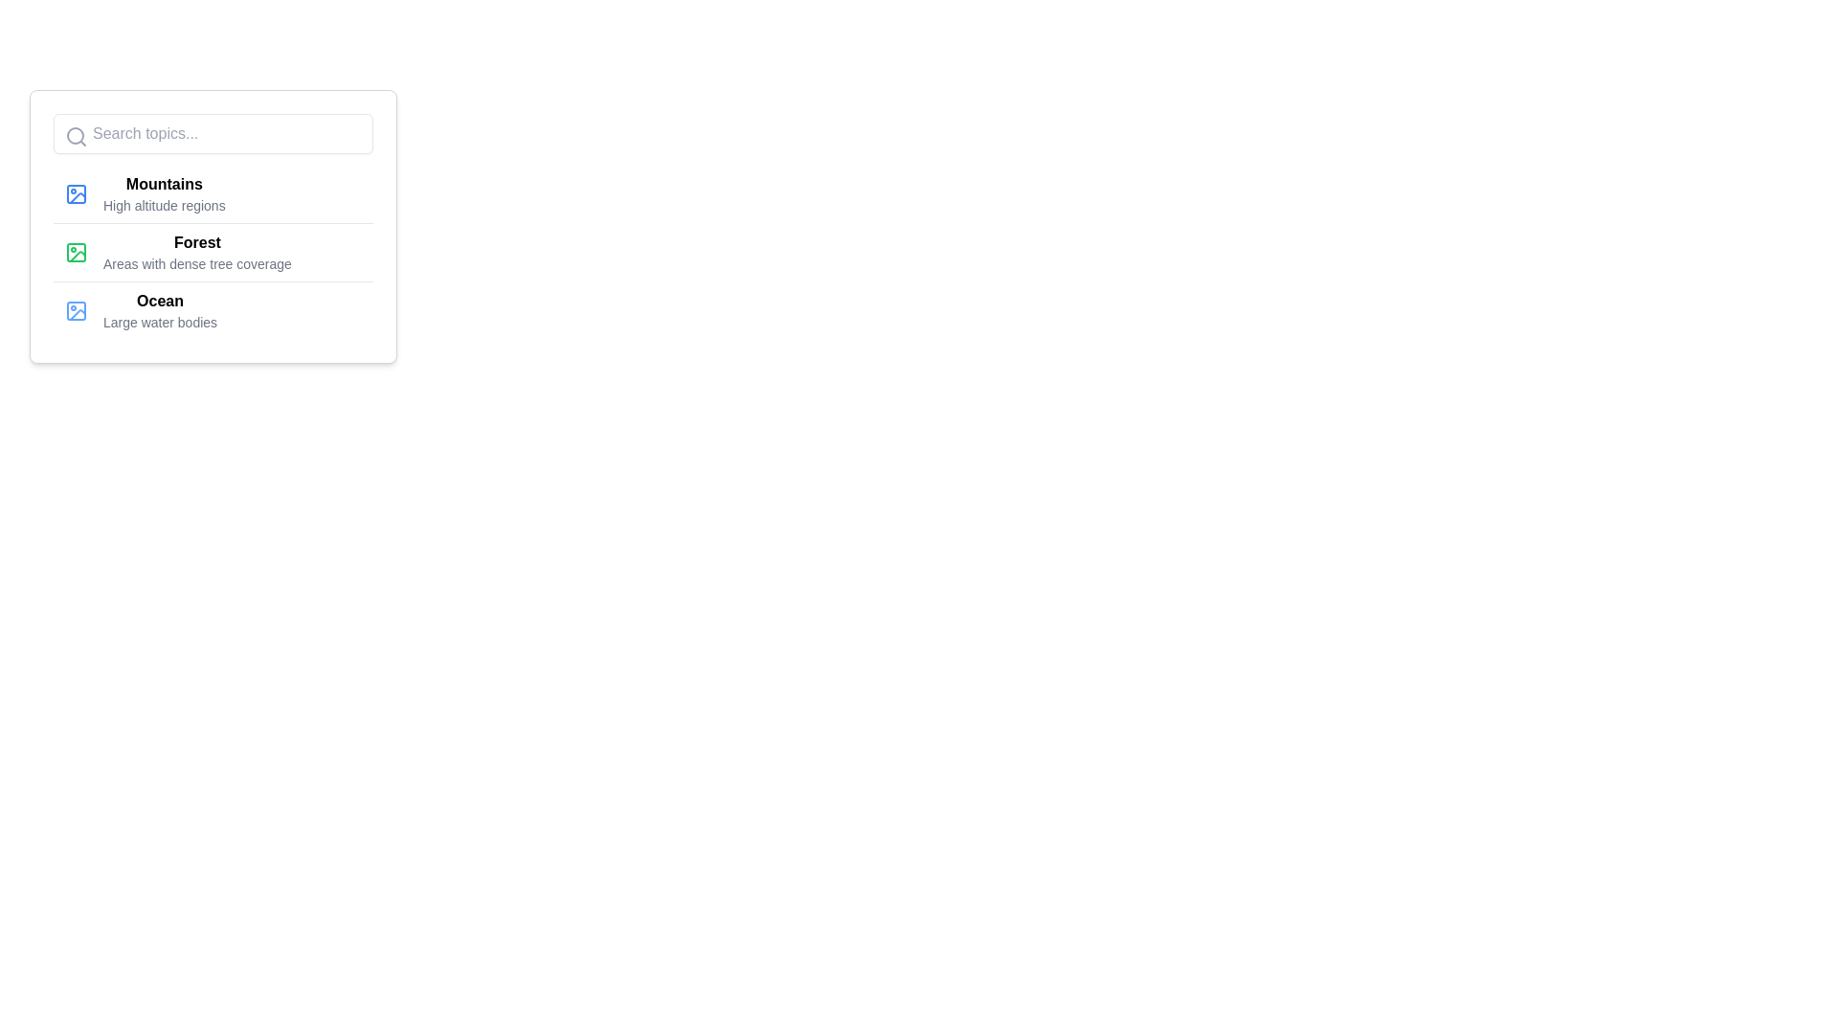 The width and height of the screenshot is (1838, 1034). What do you see at coordinates (77, 135) in the screenshot?
I see `the magnifying glass icon located in the top-left corner of the 'Search topics...' text input field` at bounding box center [77, 135].